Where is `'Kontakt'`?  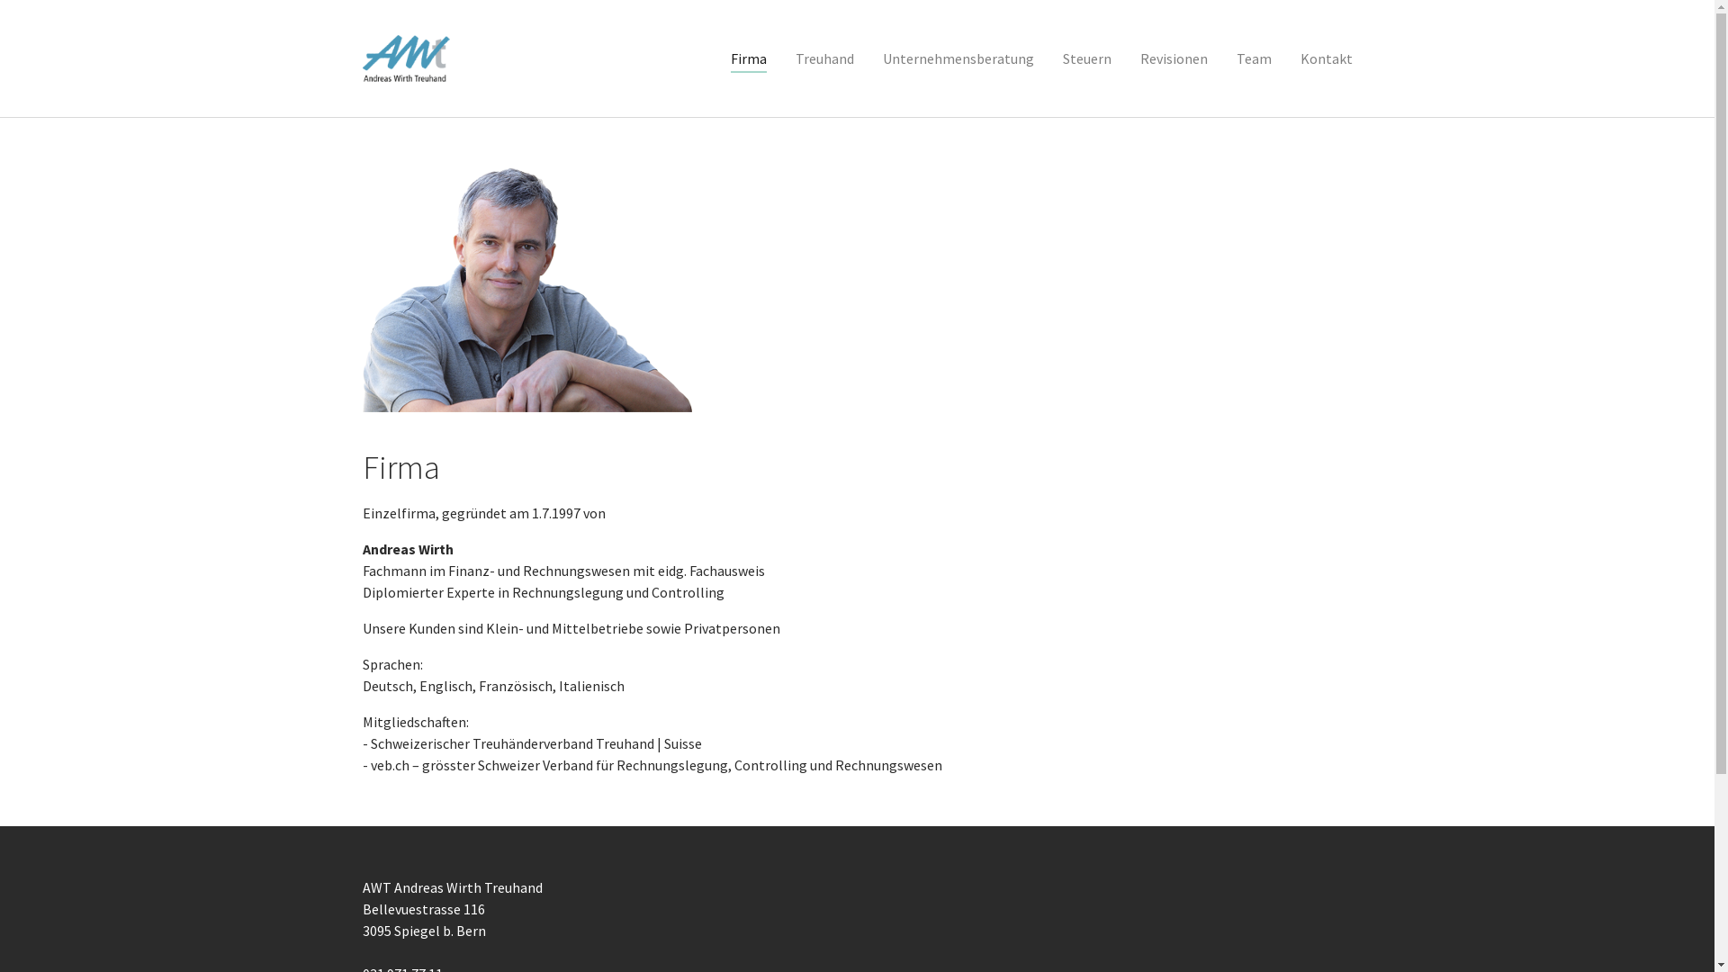
'Kontakt' is located at coordinates (1326, 58).